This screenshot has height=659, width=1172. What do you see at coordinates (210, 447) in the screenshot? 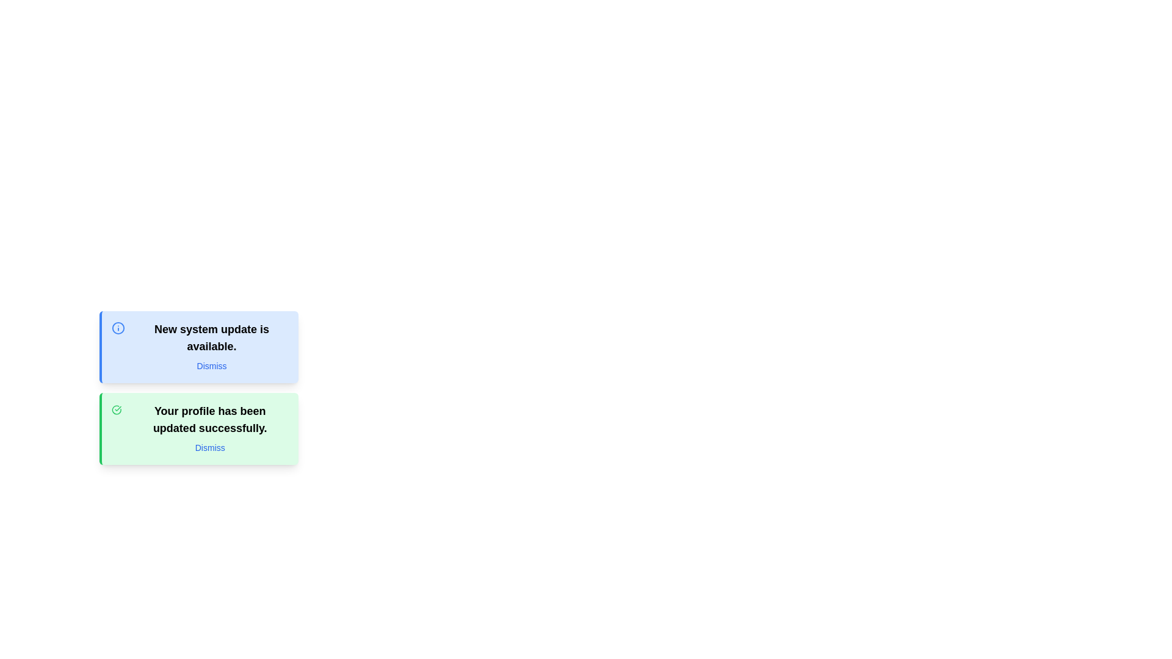
I see `the blue hyperlink labeled 'Dismiss' located at the bottom right of the green notification card` at bounding box center [210, 447].